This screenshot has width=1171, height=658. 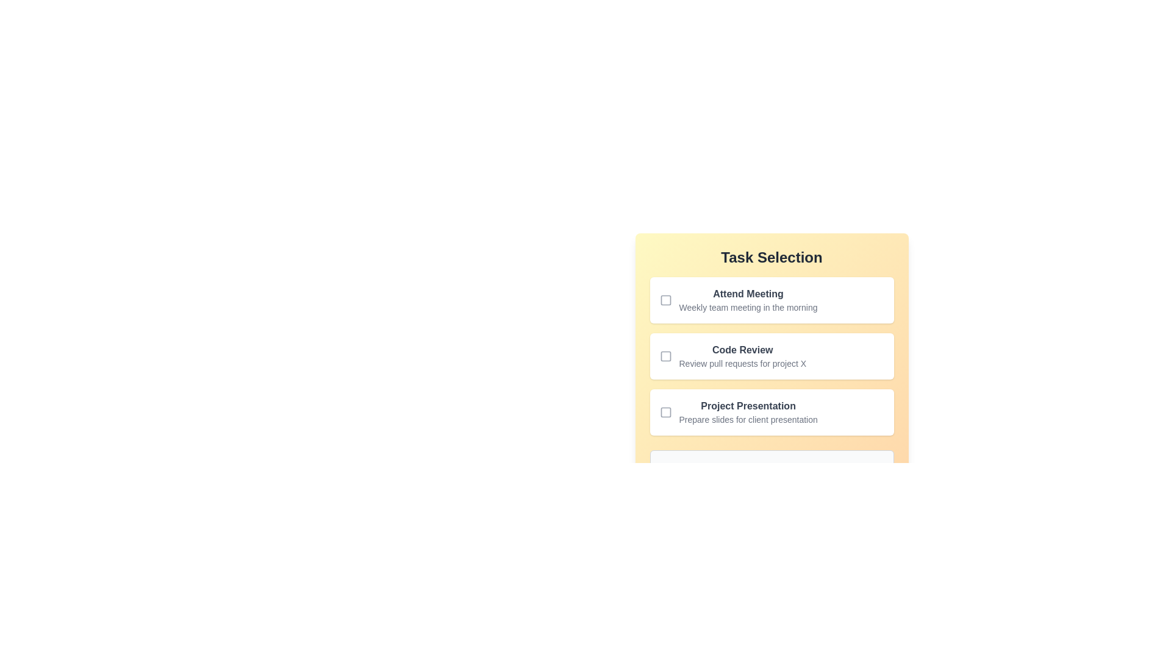 What do you see at coordinates (665, 356) in the screenshot?
I see `the small square icon with a gray outline, located to the left of the text 'Code Review' in the second list item of the task selection section` at bounding box center [665, 356].